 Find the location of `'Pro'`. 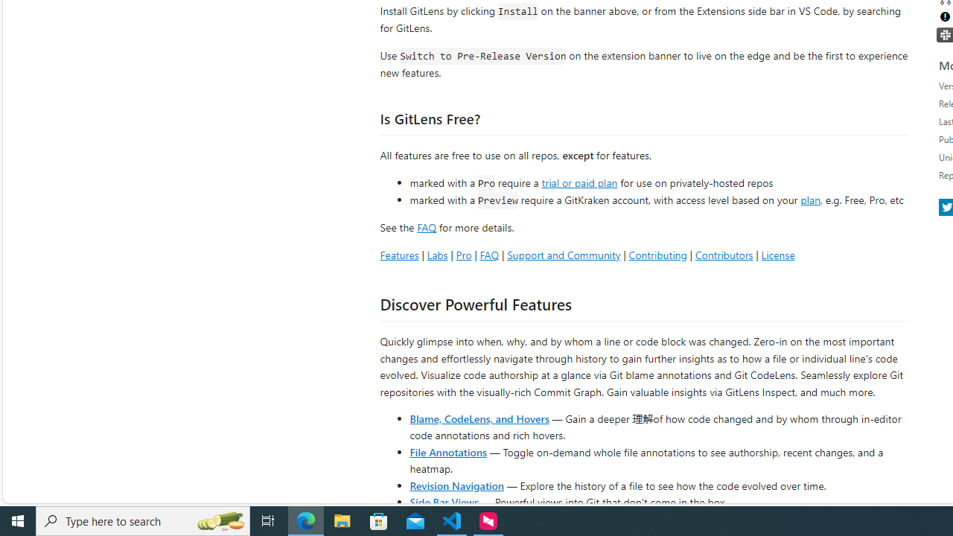

'Pro' is located at coordinates (462, 254).